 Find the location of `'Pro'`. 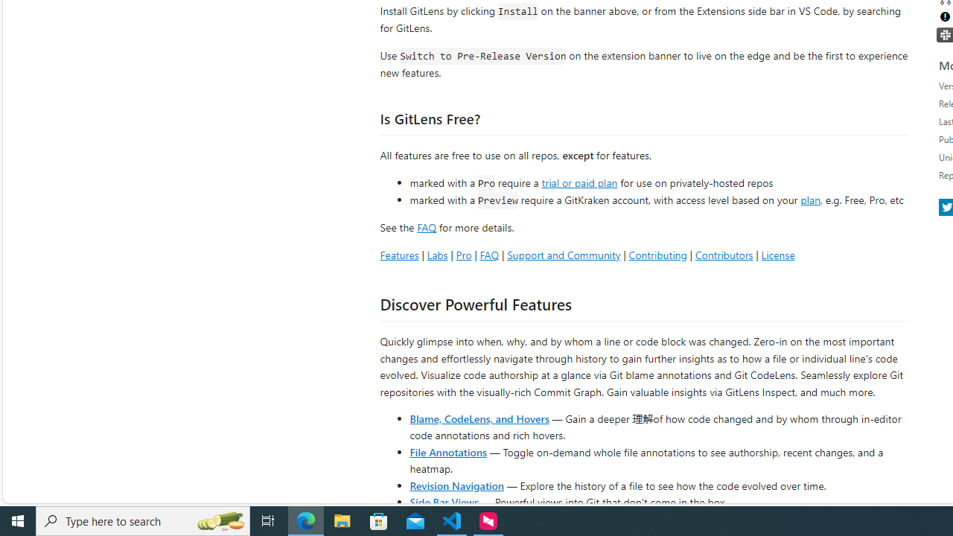

'Pro' is located at coordinates (462, 254).